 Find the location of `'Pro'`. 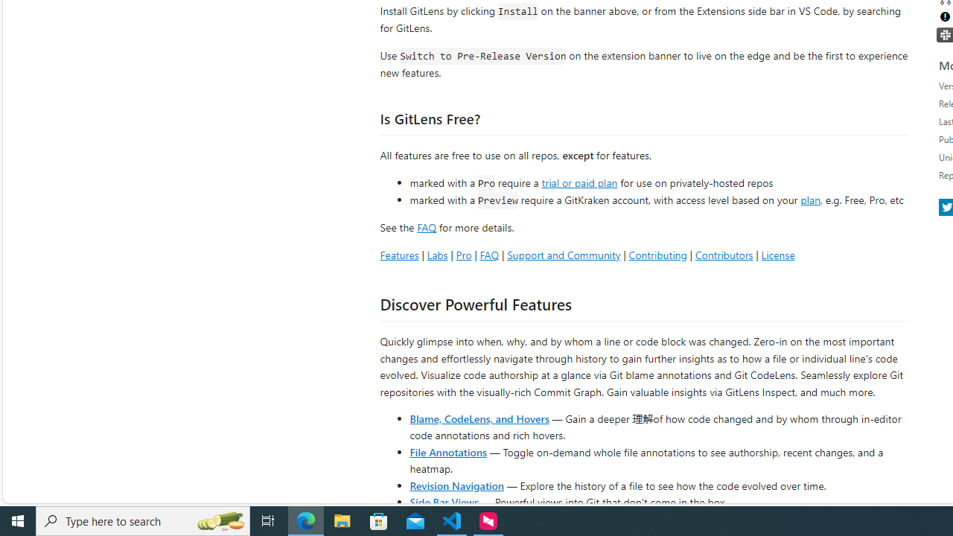

'Pro' is located at coordinates (462, 254).